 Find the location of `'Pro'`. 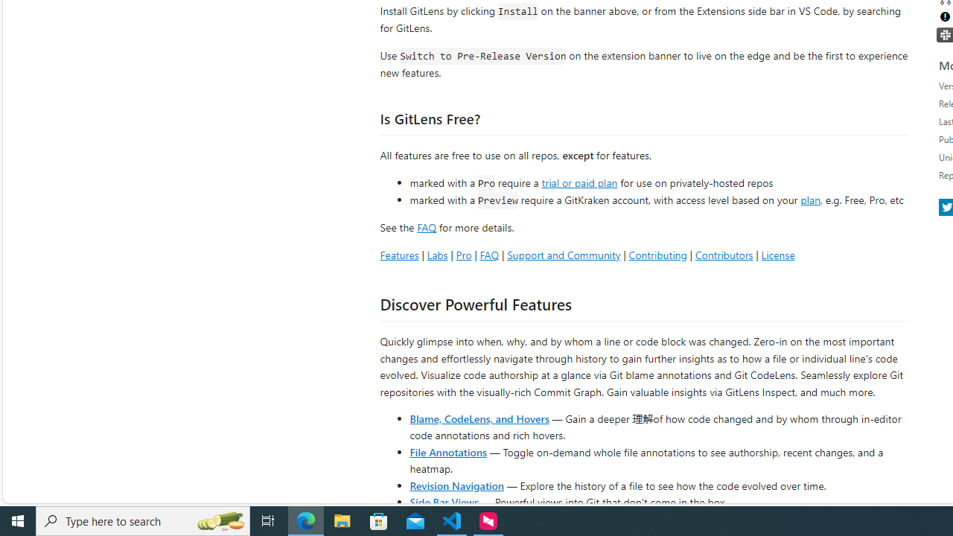

'Pro' is located at coordinates (462, 254).